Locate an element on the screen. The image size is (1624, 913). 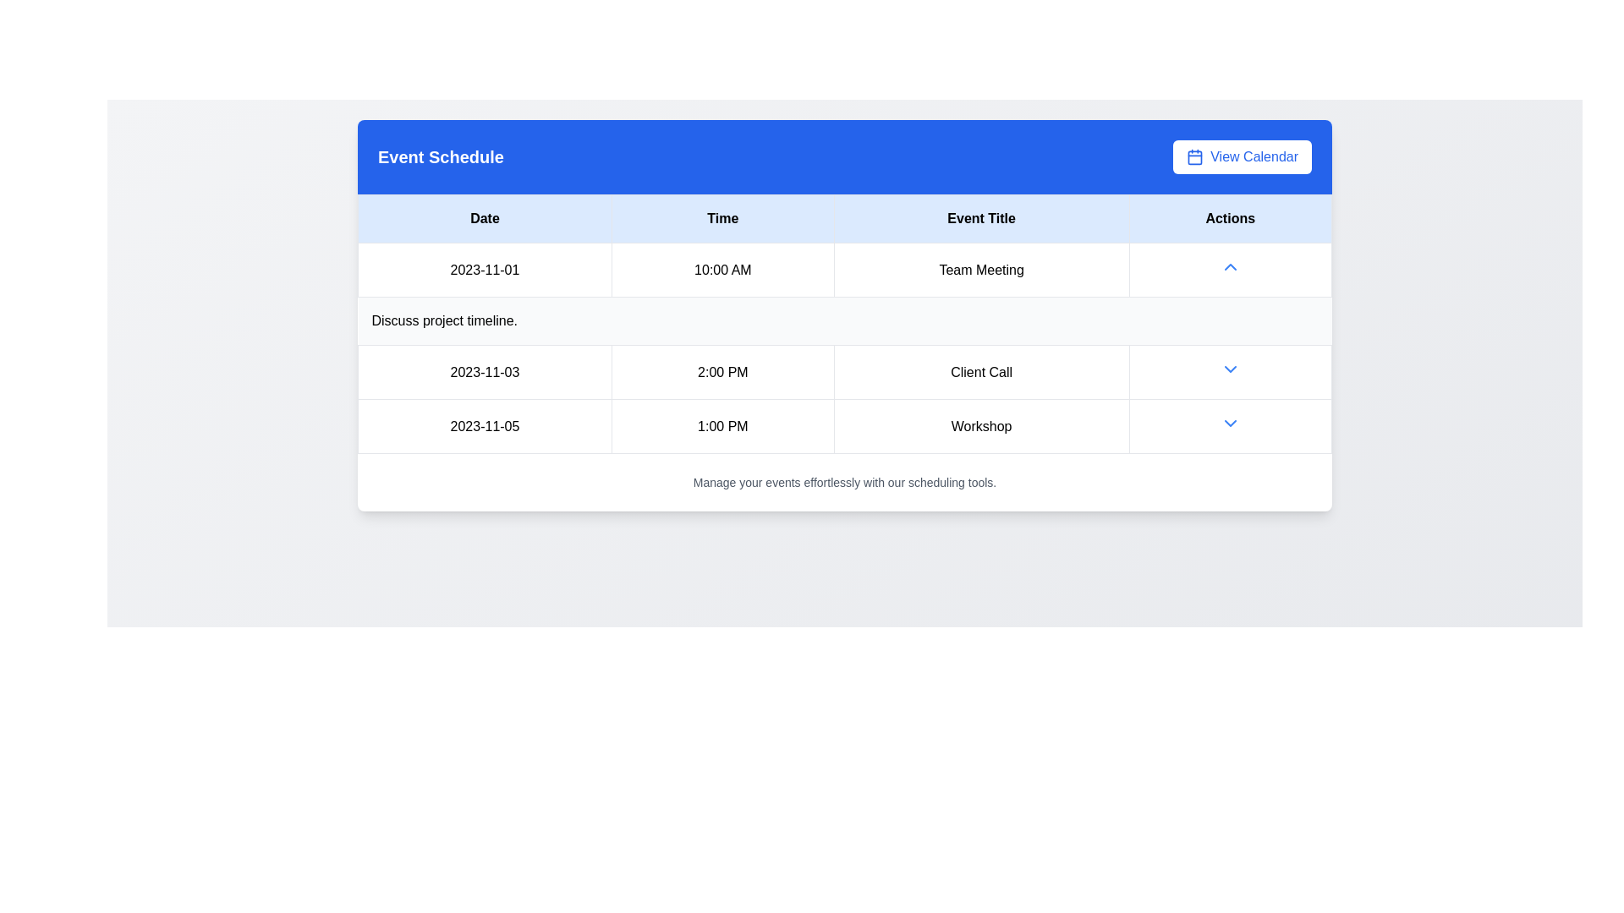
the upward-pointing blue chevron icon in the 'Actions' column of the 'Team Meeting' row is located at coordinates (1230, 266).